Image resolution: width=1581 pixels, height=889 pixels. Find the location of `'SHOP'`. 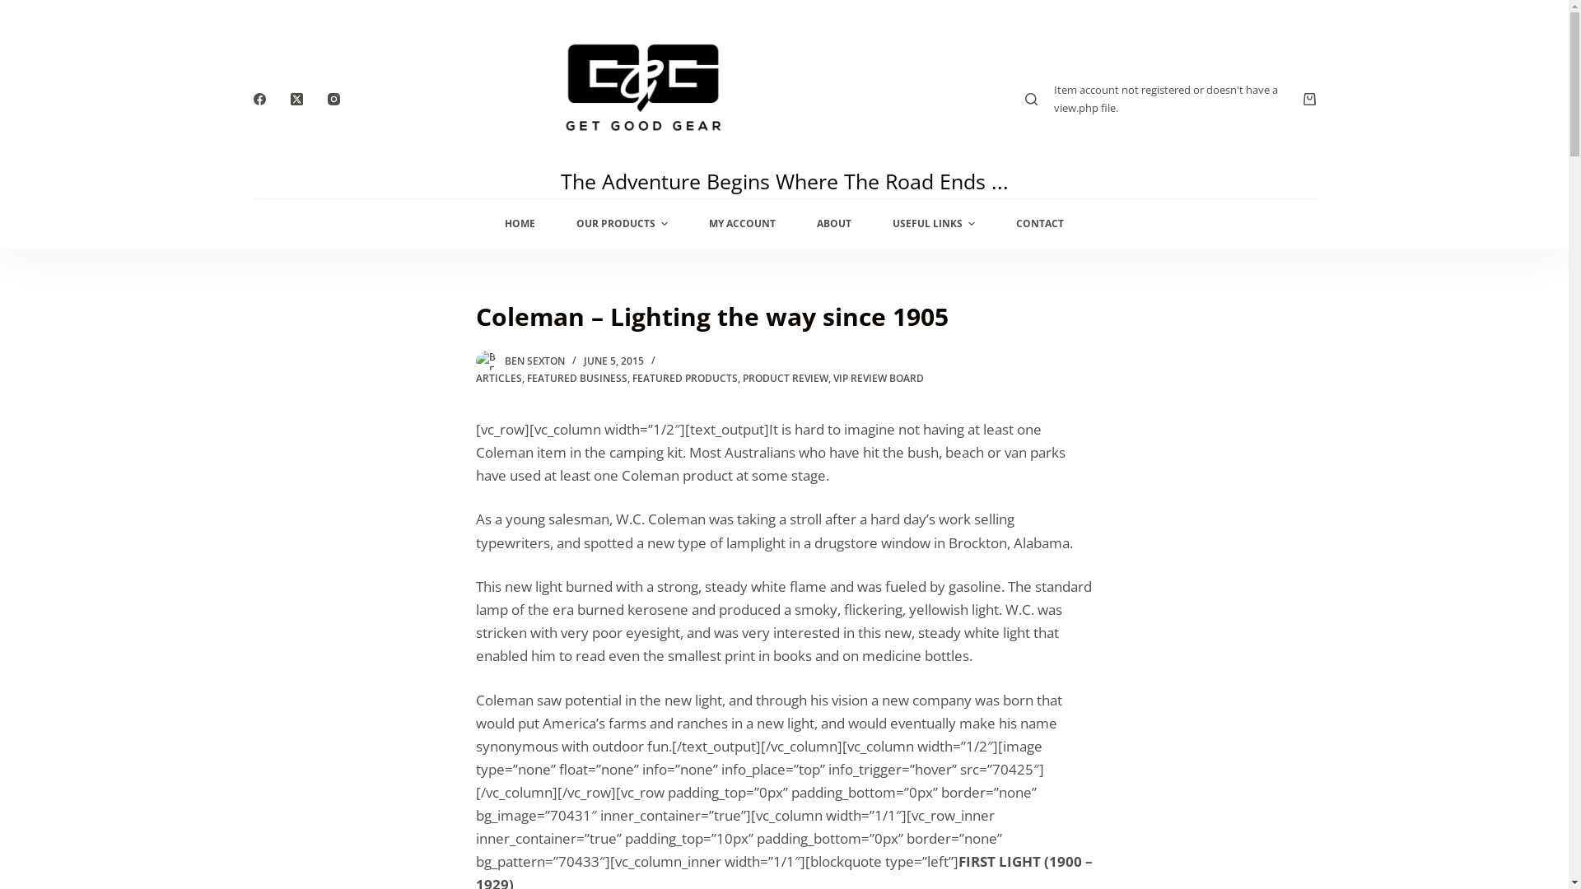

'SHOP' is located at coordinates (1059, 450).